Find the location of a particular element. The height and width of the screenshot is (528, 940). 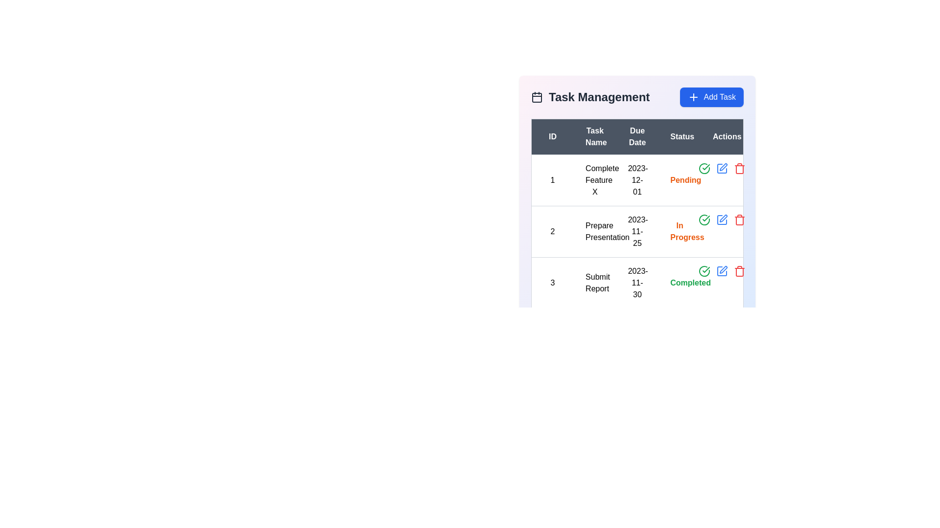

text from the Table Header Cell that contains 'Task Name', which is styled in white on a dark background and located in the header of a table is located at coordinates (594, 137).